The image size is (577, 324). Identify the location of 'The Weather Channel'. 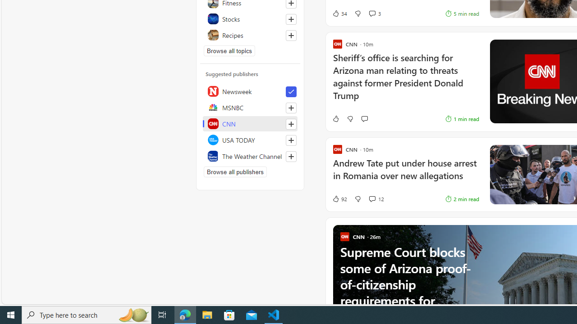
(250, 156).